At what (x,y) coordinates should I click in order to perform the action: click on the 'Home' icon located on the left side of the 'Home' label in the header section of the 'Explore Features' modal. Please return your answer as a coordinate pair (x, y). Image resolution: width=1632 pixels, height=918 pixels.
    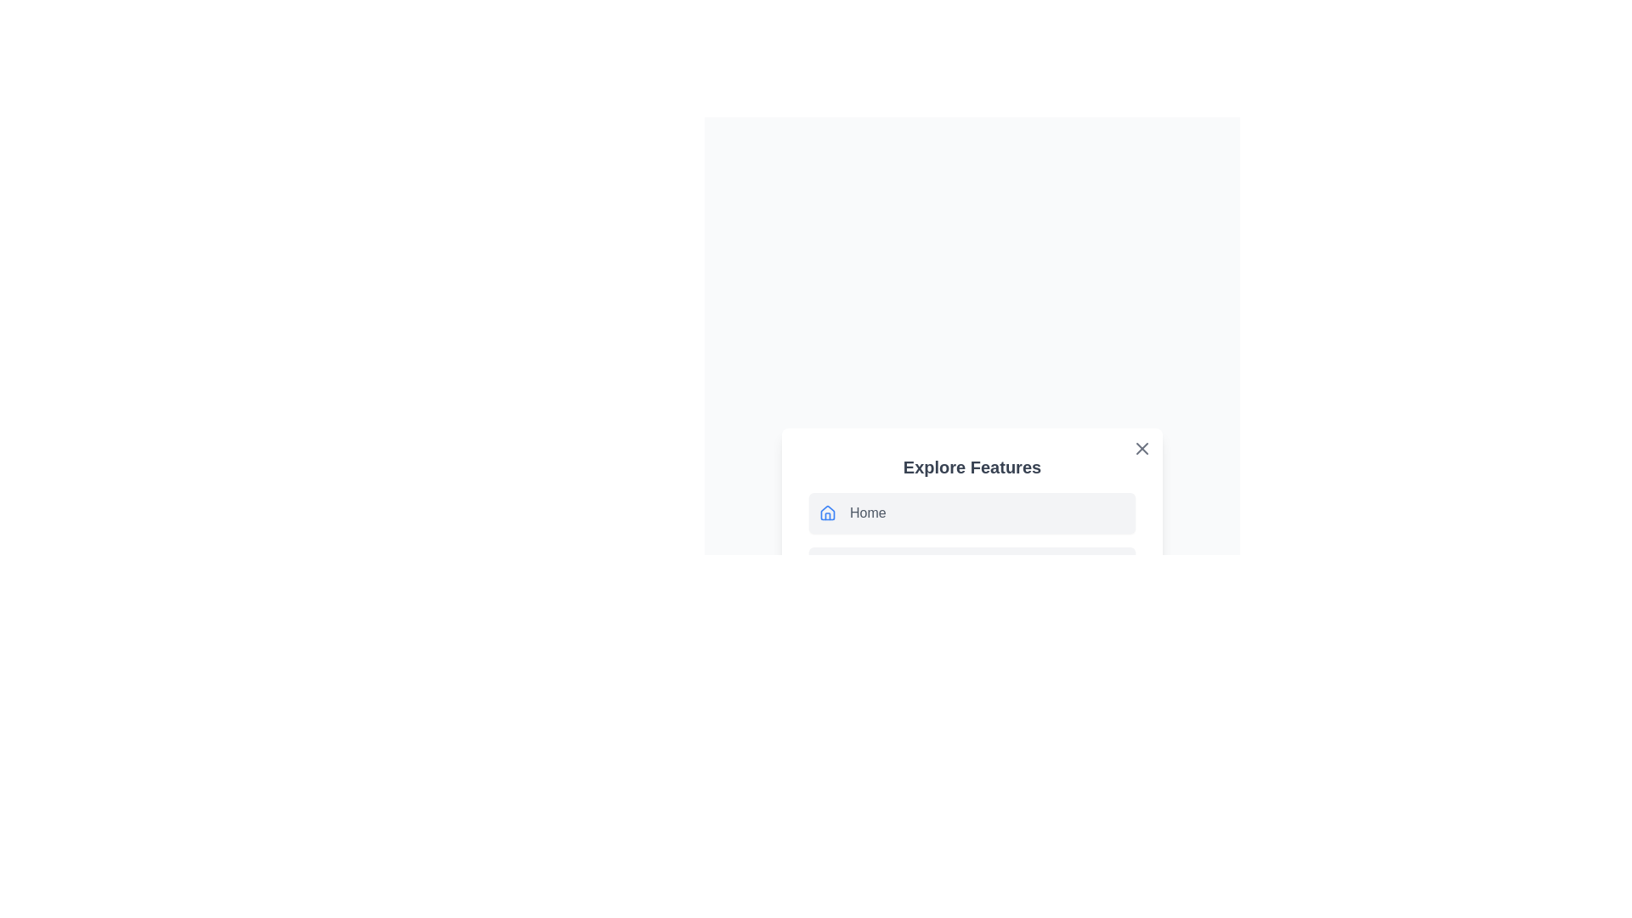
    Looking at the image, I should click on (828, 513).